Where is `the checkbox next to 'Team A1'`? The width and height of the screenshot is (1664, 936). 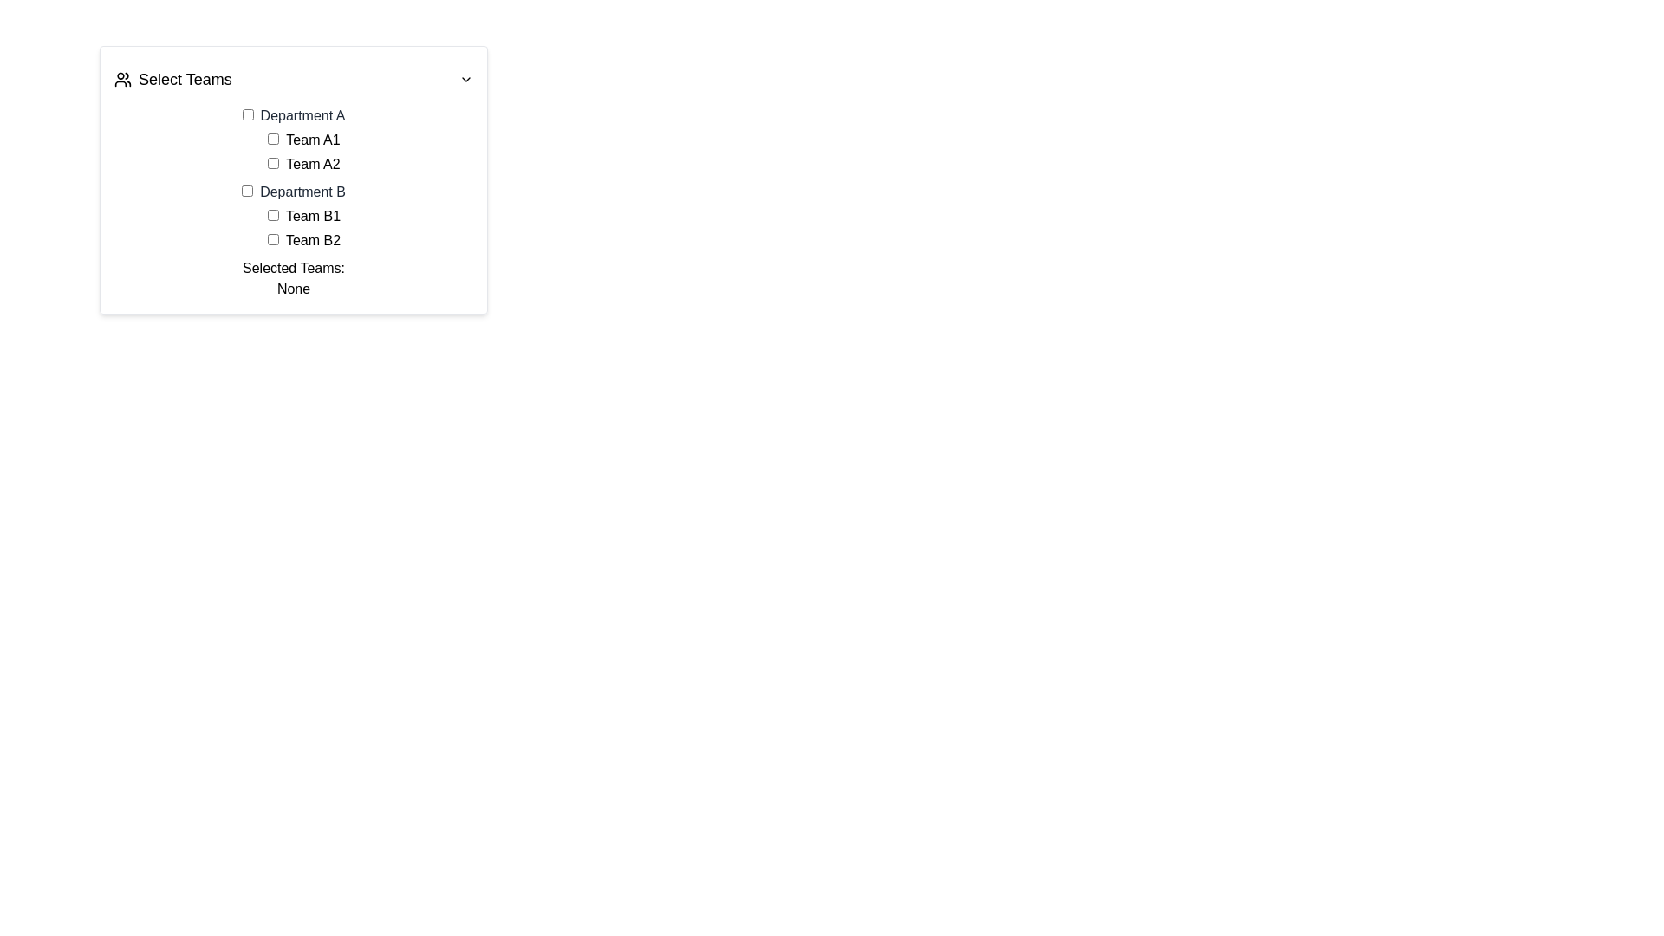 the checkbox next to 'Team A1' is located at coordinates (303, 152).